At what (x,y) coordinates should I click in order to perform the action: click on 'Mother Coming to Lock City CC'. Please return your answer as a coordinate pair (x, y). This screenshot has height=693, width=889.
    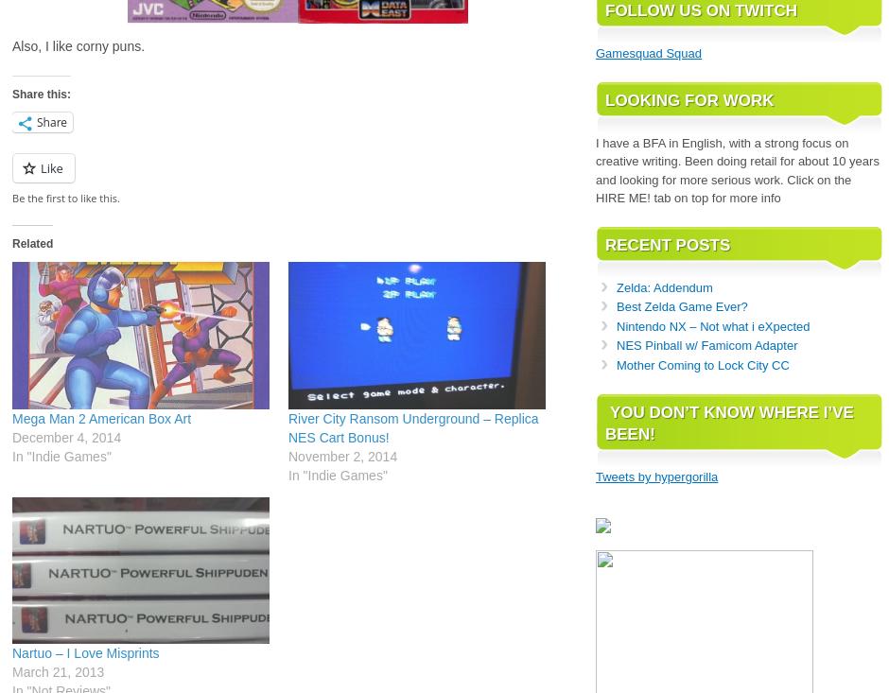
    Looking at the image, I should click on (702, 364).